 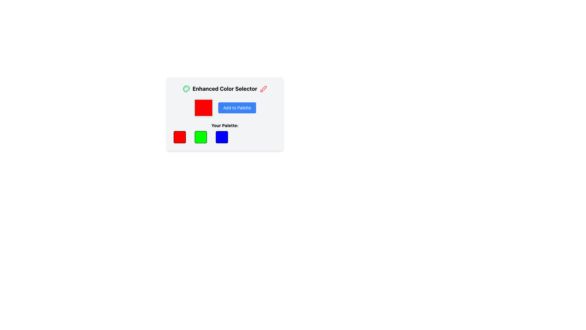 I want to click on the prominent red brush icon located in the top-right corner of the 'Enhanced Color Selector' section, so click(x=263, y=89).